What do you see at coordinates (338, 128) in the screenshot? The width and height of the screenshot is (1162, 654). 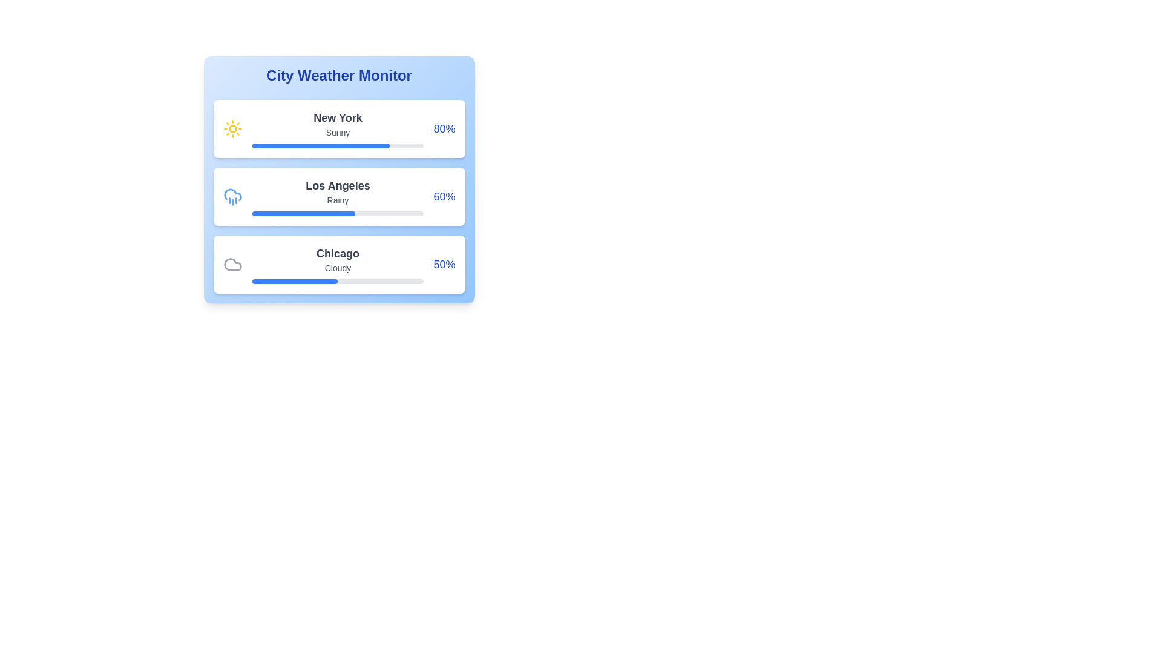 I see `weather data displayed in the Weather data display block for New York, which shows 'Sunny' and an 80% progress bar` at bounding box center [338, 128].